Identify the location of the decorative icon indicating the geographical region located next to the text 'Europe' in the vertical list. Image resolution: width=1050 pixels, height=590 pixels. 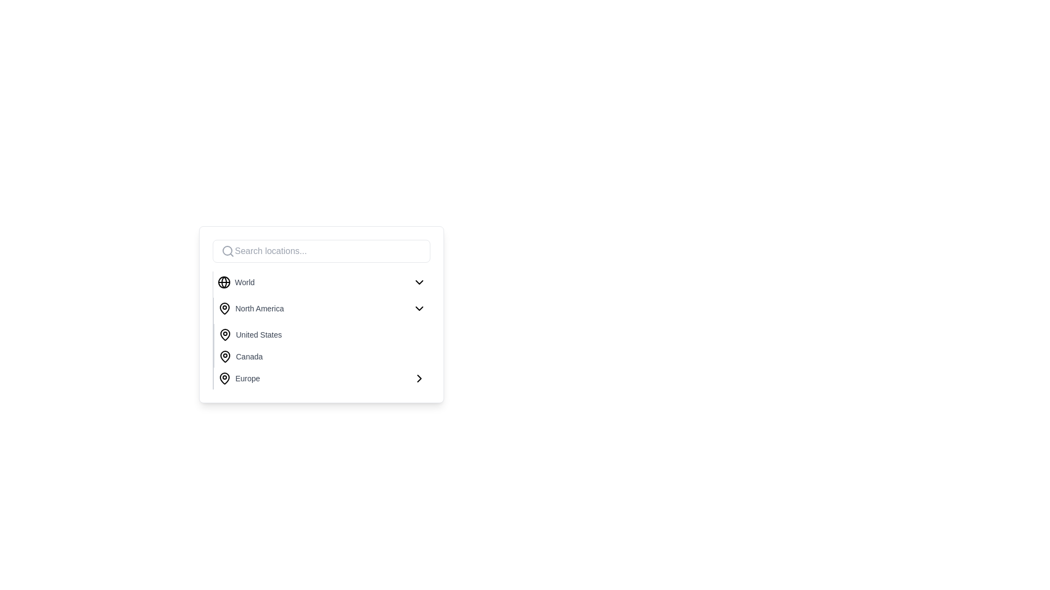
(224, 378).